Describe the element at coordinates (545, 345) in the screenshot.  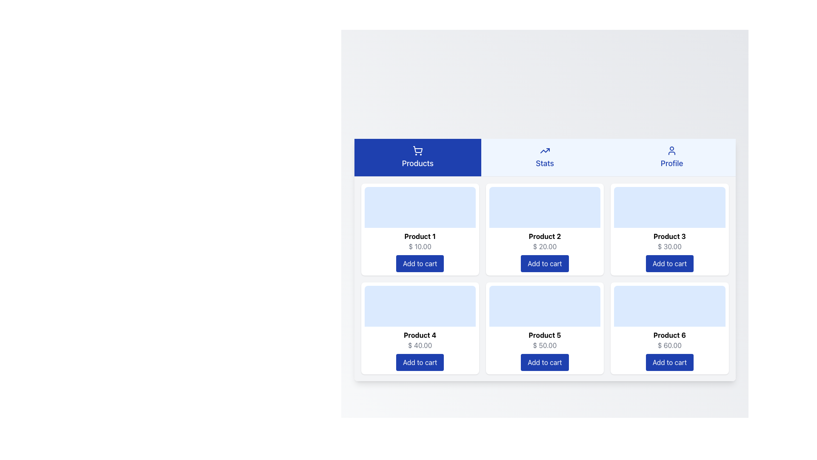
I see `the static text label displaying the price of 'Product 5', which is located in the bottom row and the second column of the product grid, positioned below the product title and above the 'Add to cart' button` at that location.